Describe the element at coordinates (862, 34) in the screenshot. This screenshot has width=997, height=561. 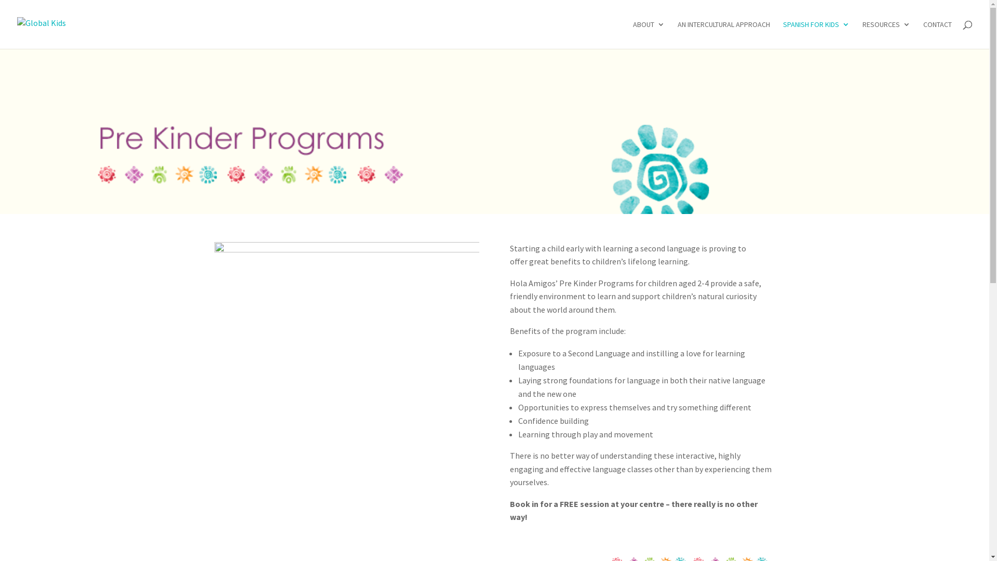
I see `'RESOURCES'` at that location.